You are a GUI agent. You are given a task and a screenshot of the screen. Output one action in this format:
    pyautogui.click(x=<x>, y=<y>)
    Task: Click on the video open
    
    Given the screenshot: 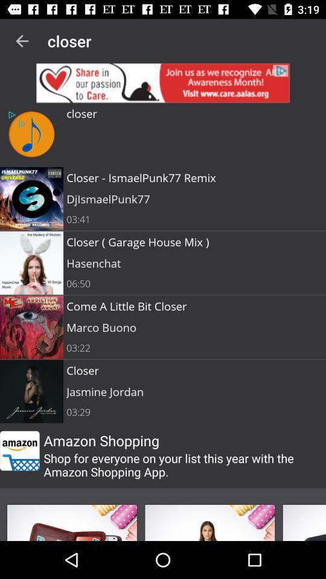 What is the action you would take?
    pyautogui.click(x=303, y=522)
    